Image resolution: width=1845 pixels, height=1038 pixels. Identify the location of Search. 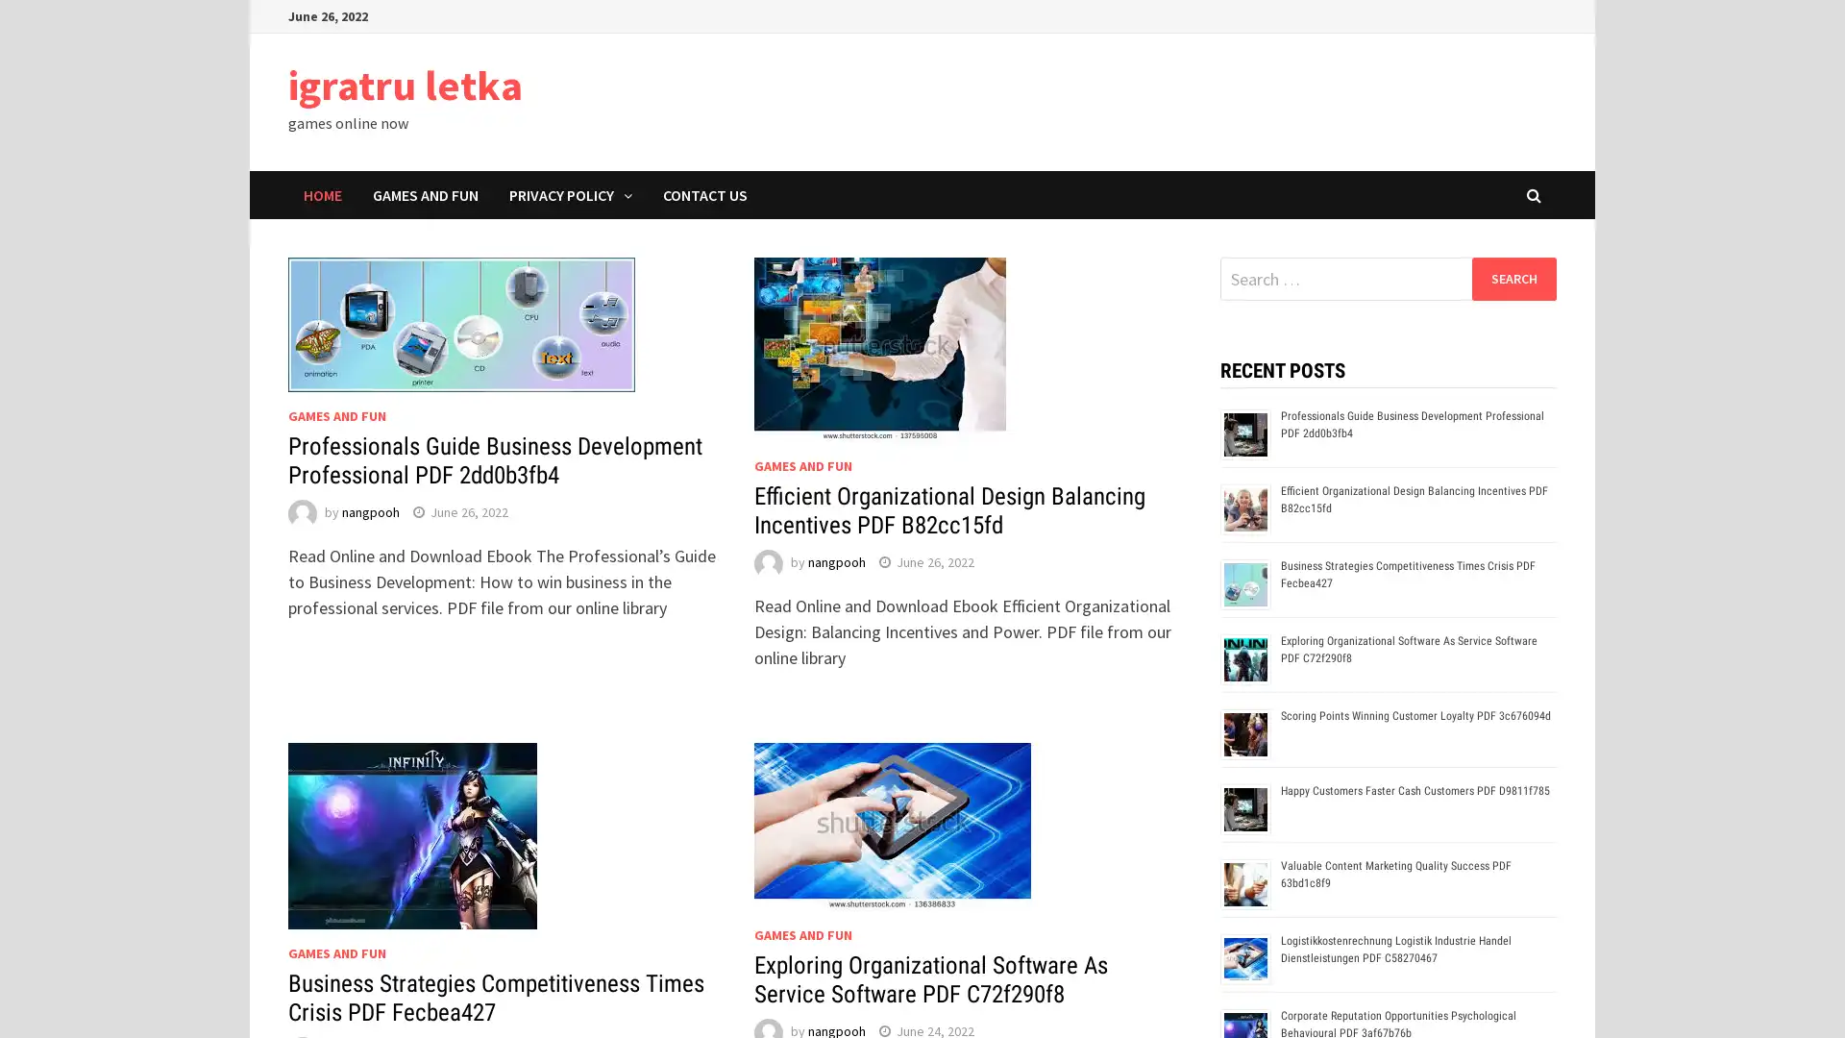
(1513, 278).